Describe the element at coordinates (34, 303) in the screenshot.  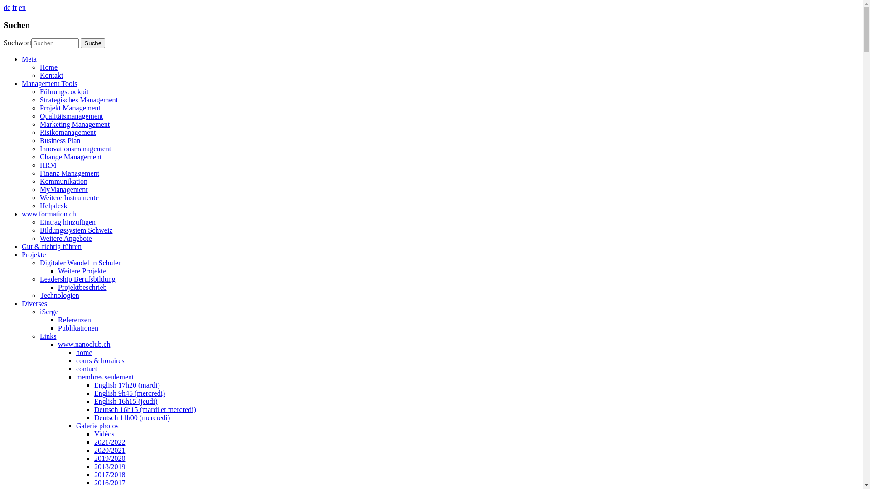
I see `'Diverses'` at that location.